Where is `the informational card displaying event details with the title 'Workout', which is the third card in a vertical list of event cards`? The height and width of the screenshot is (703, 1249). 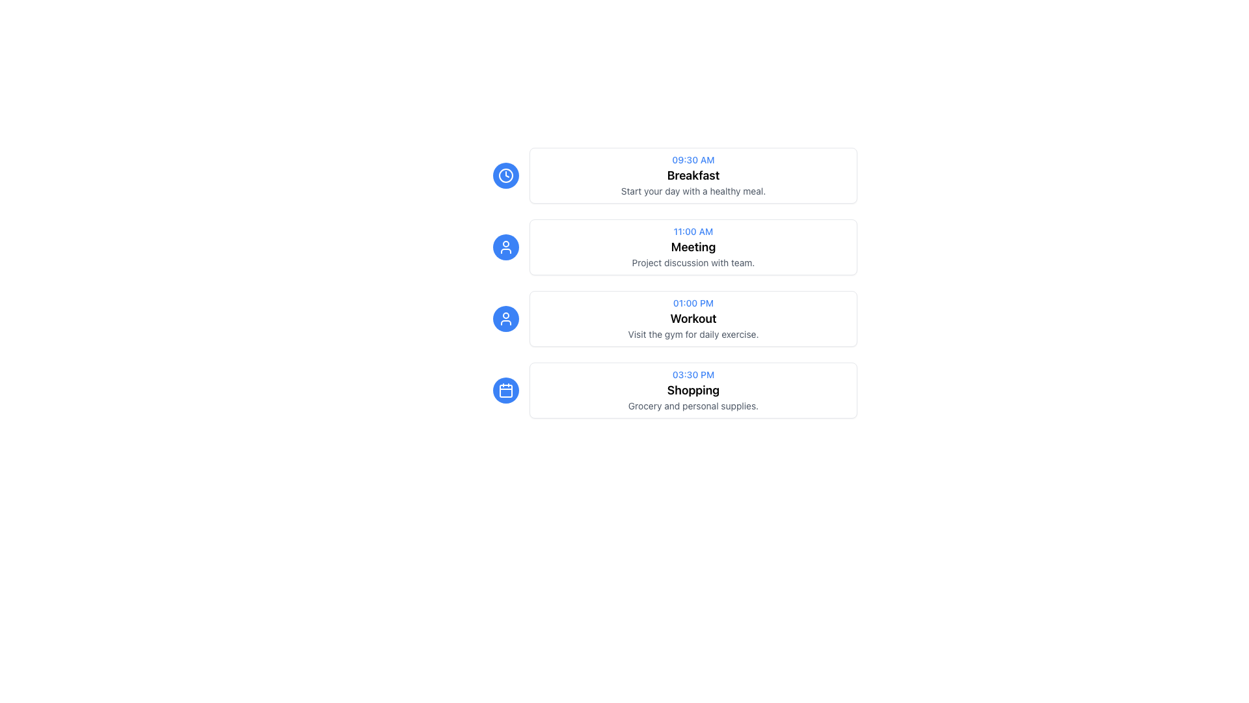
the informational card displaying event details with the title 'Workout', which is the third card in a vertical list of event cards is located at coordinates (670, 318).